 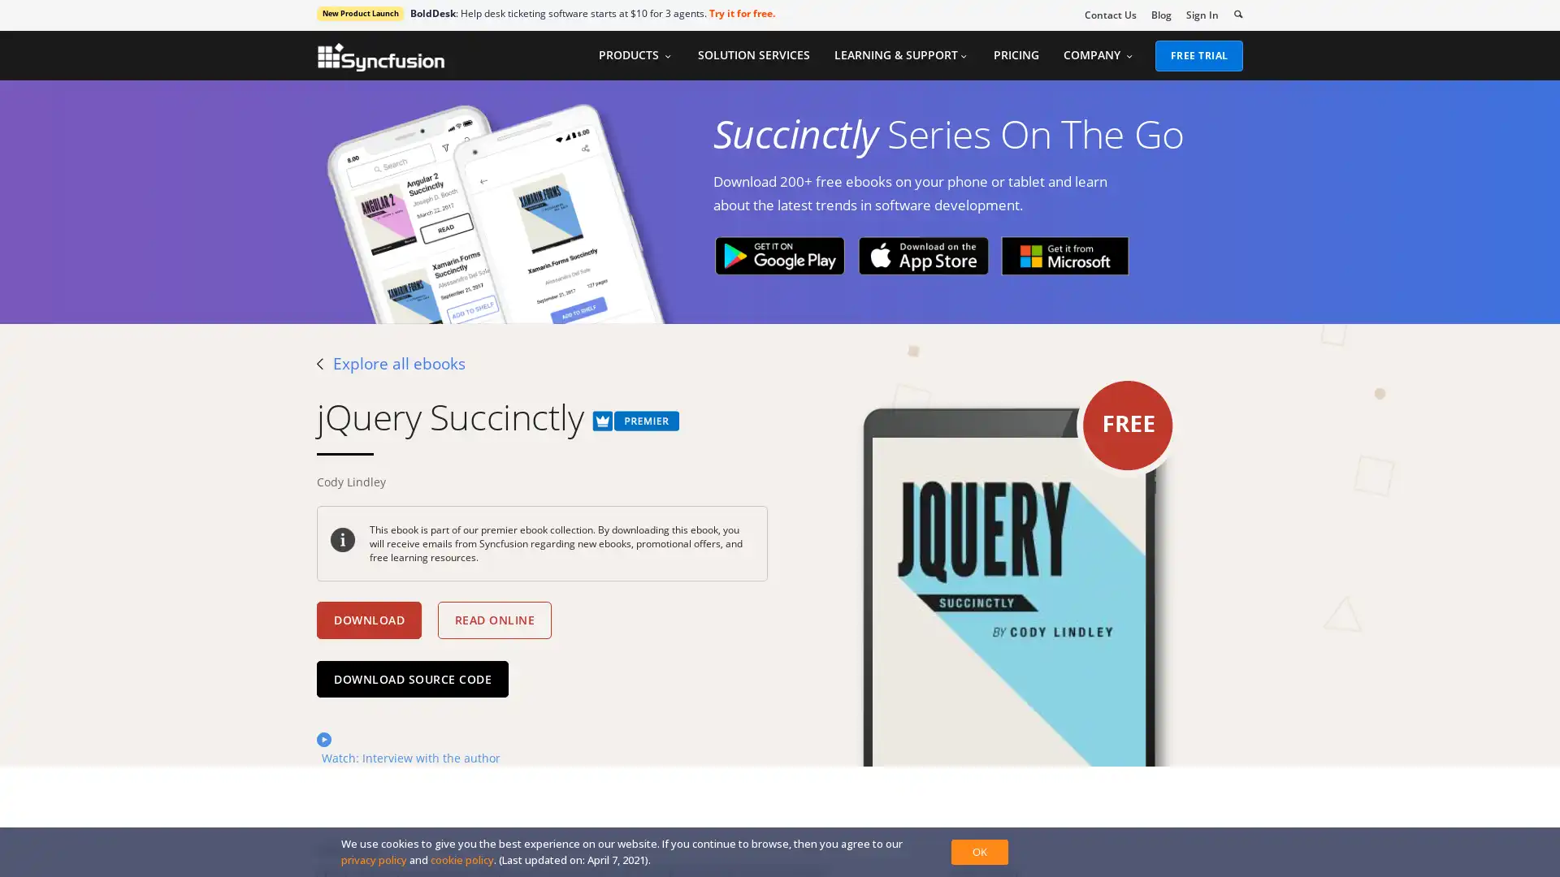 I want to click on COMPANY, so click(x=1098, y=54).